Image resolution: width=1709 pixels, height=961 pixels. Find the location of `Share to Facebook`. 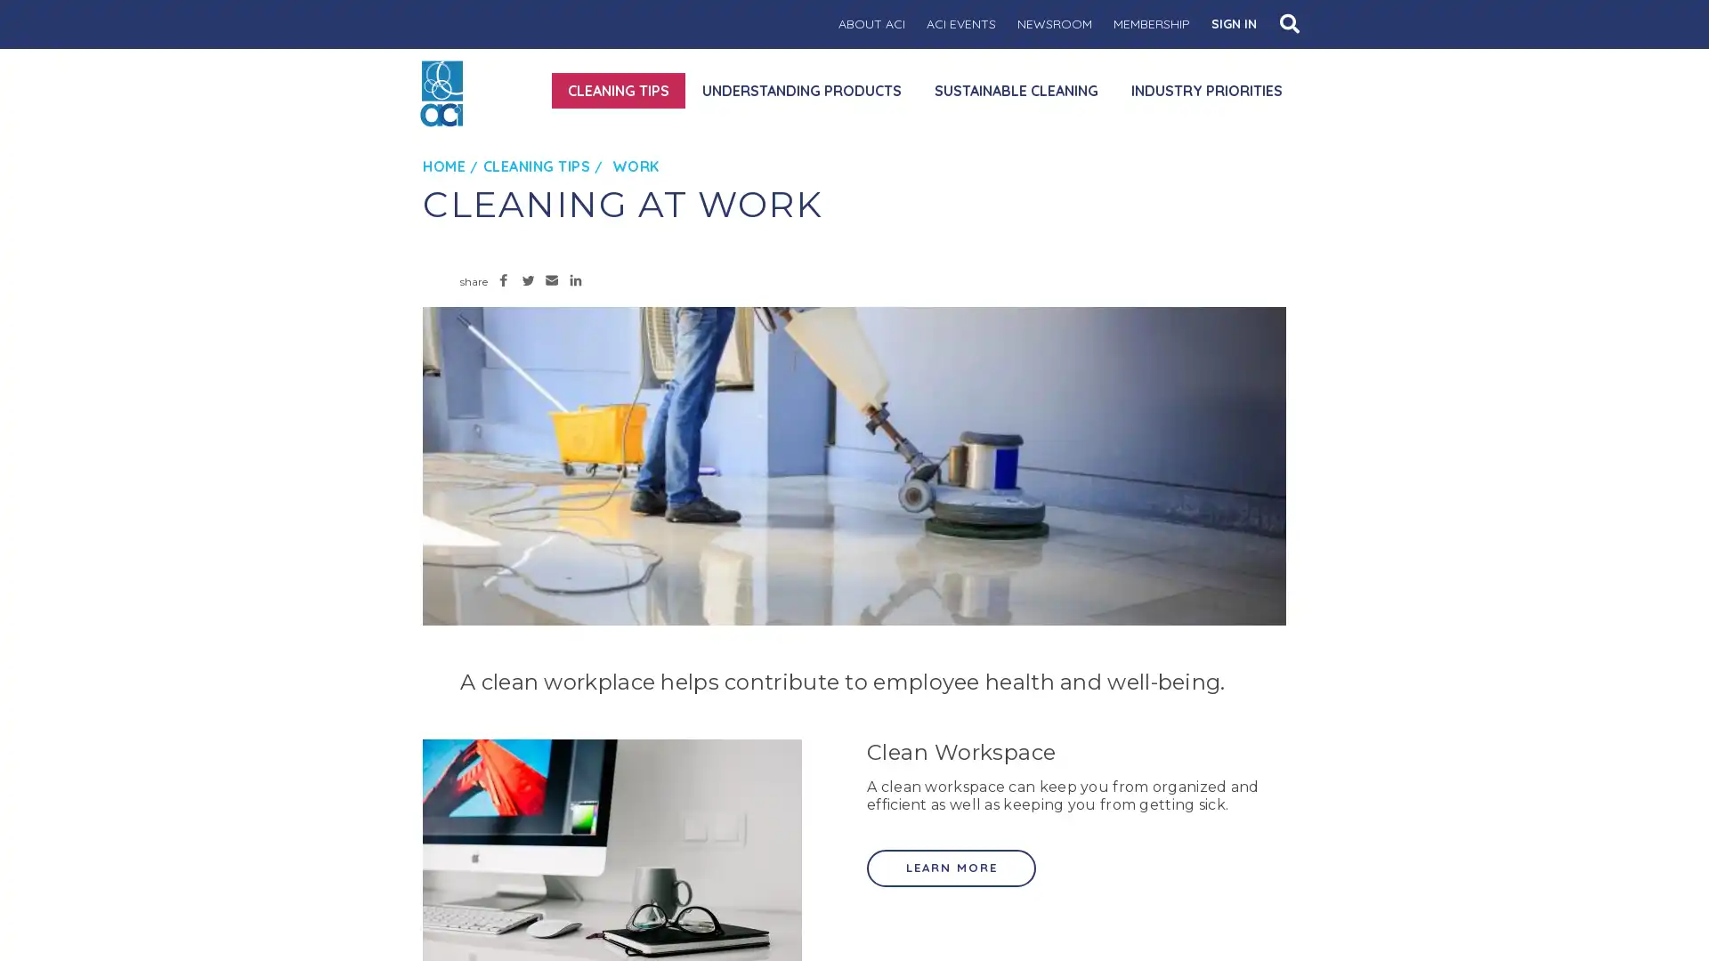

Share to Facebook is located at coordinates (502, 280).